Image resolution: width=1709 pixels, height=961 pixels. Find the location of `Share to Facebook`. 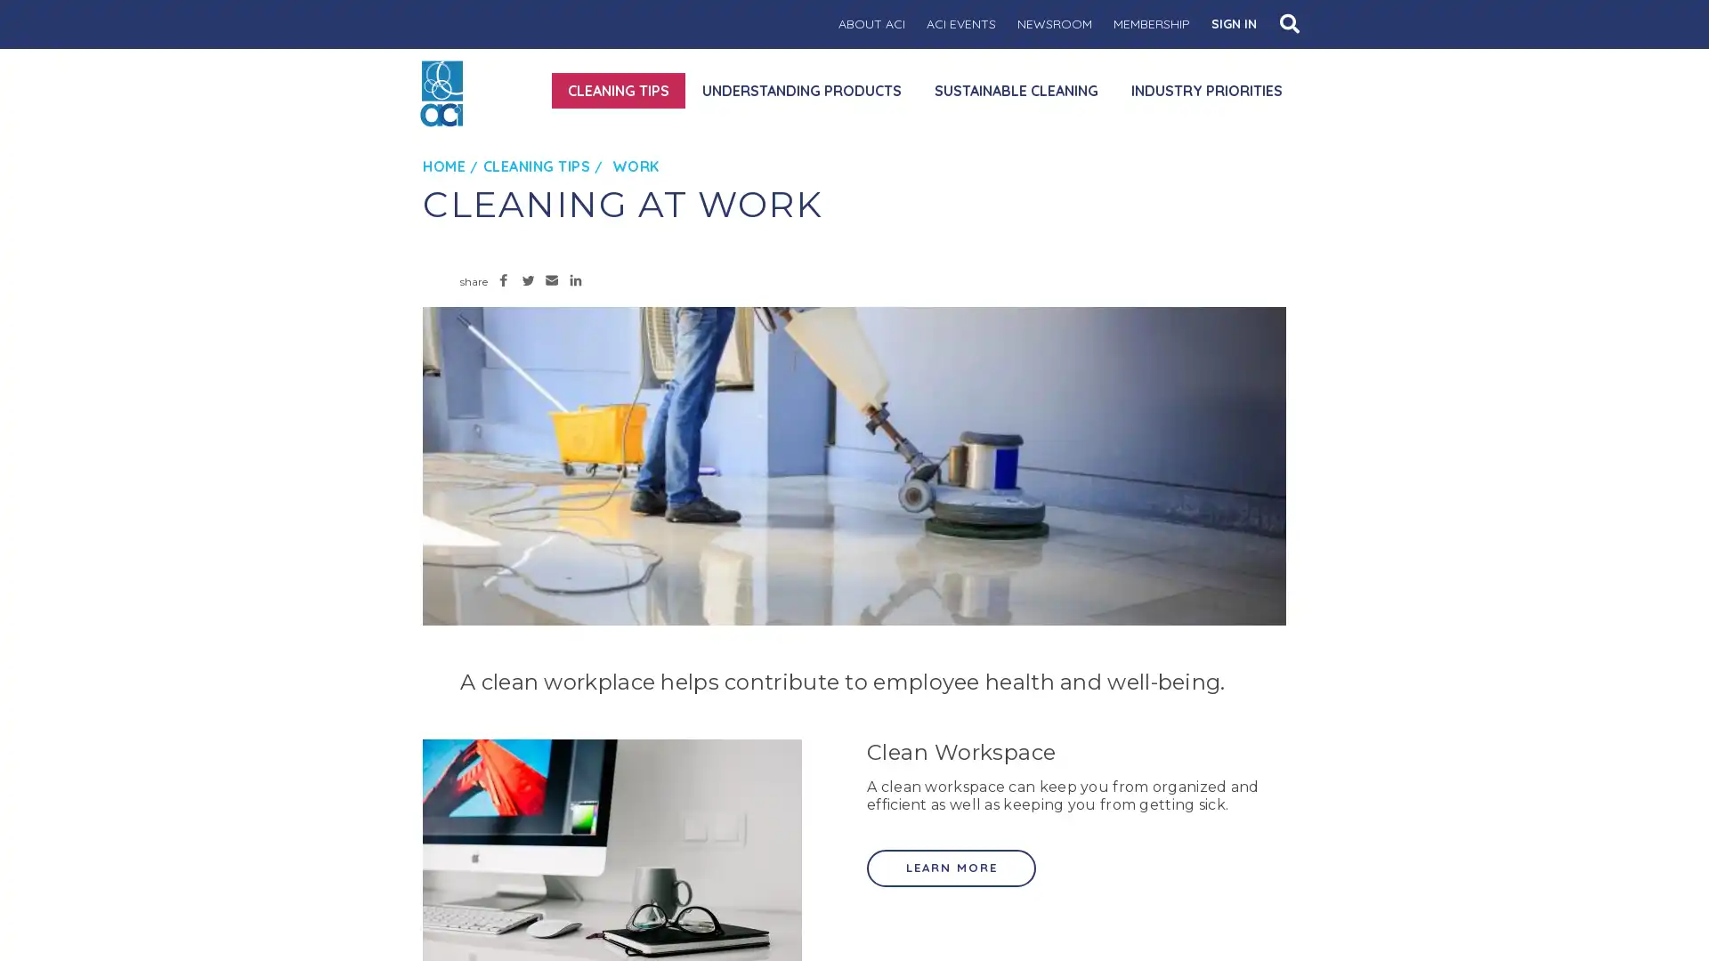

Share to Facebook is located at coordinates (502, 280).